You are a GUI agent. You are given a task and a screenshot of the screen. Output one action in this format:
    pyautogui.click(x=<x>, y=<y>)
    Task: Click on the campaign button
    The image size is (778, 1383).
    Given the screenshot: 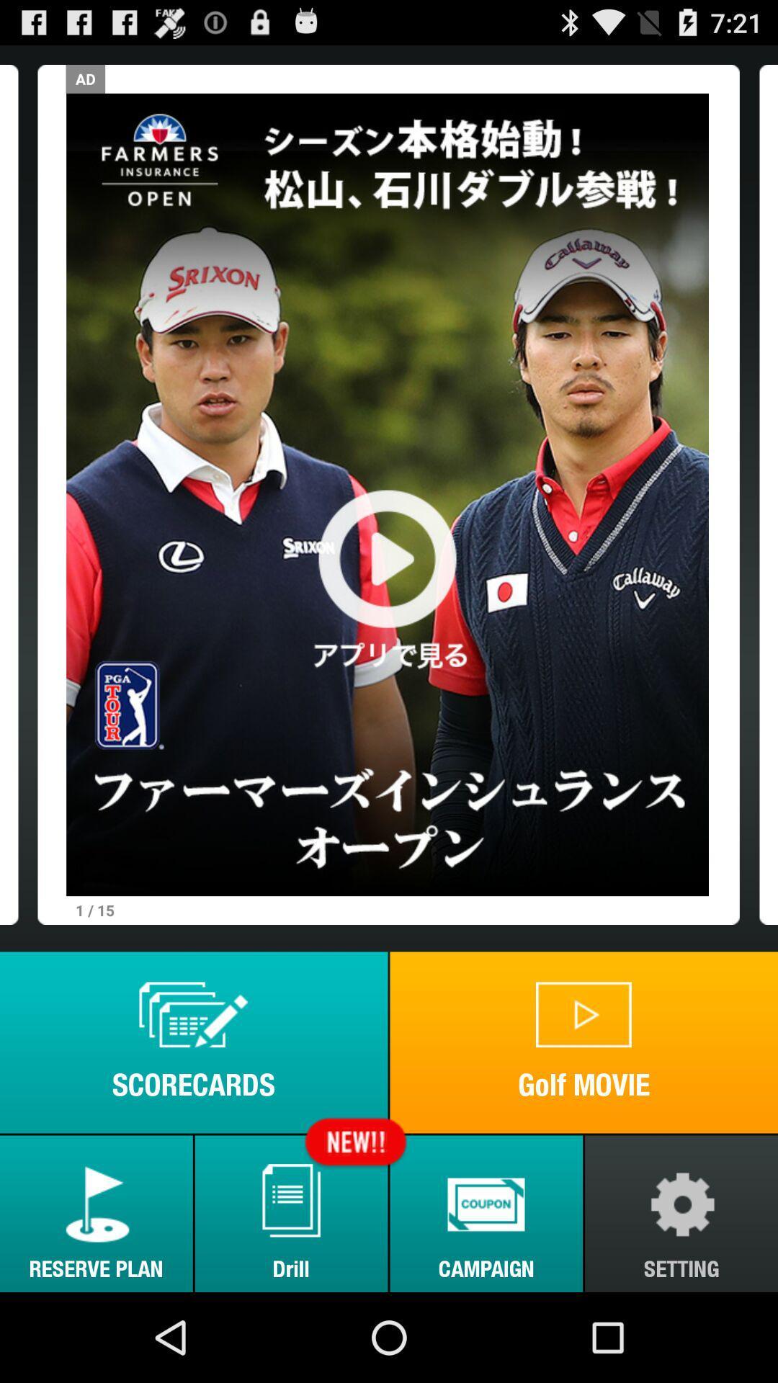 What is the action you would take?
    pyautogui.click(x=486, y=1213)
    